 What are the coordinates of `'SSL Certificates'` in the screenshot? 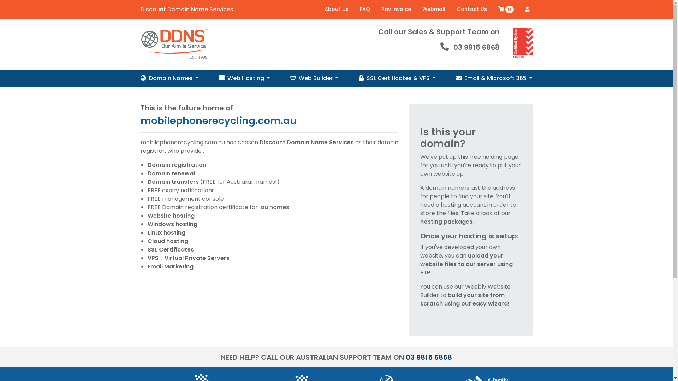 It's located at (171, 249).